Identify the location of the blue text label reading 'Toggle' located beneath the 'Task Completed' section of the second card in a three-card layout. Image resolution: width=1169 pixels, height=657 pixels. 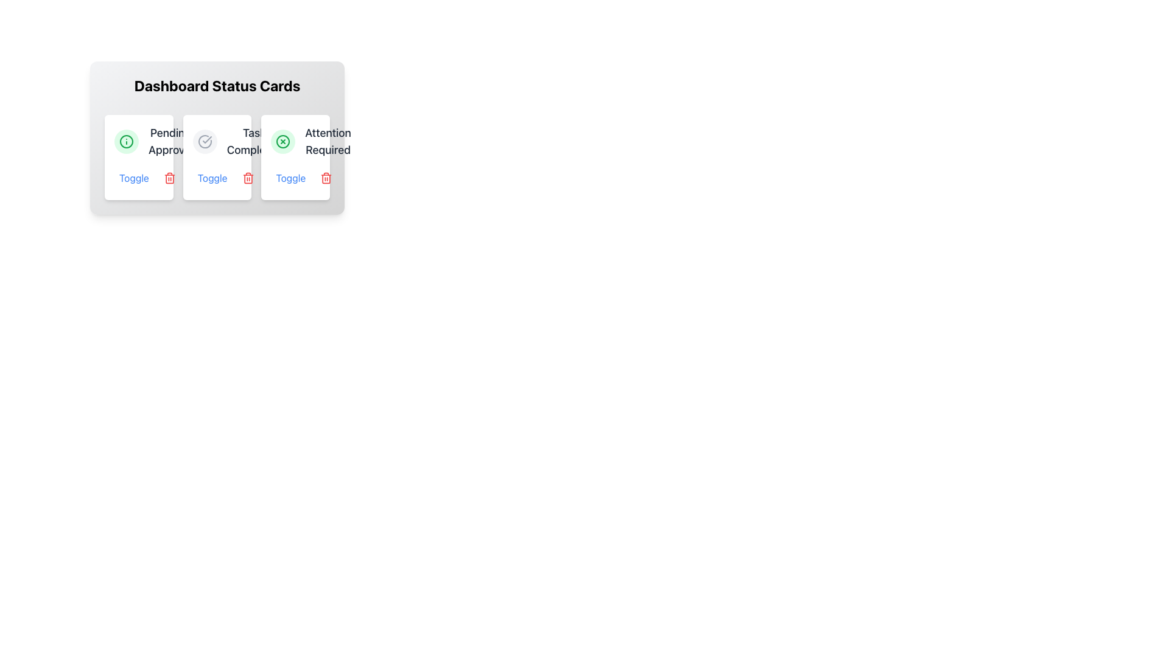
(217, 178).